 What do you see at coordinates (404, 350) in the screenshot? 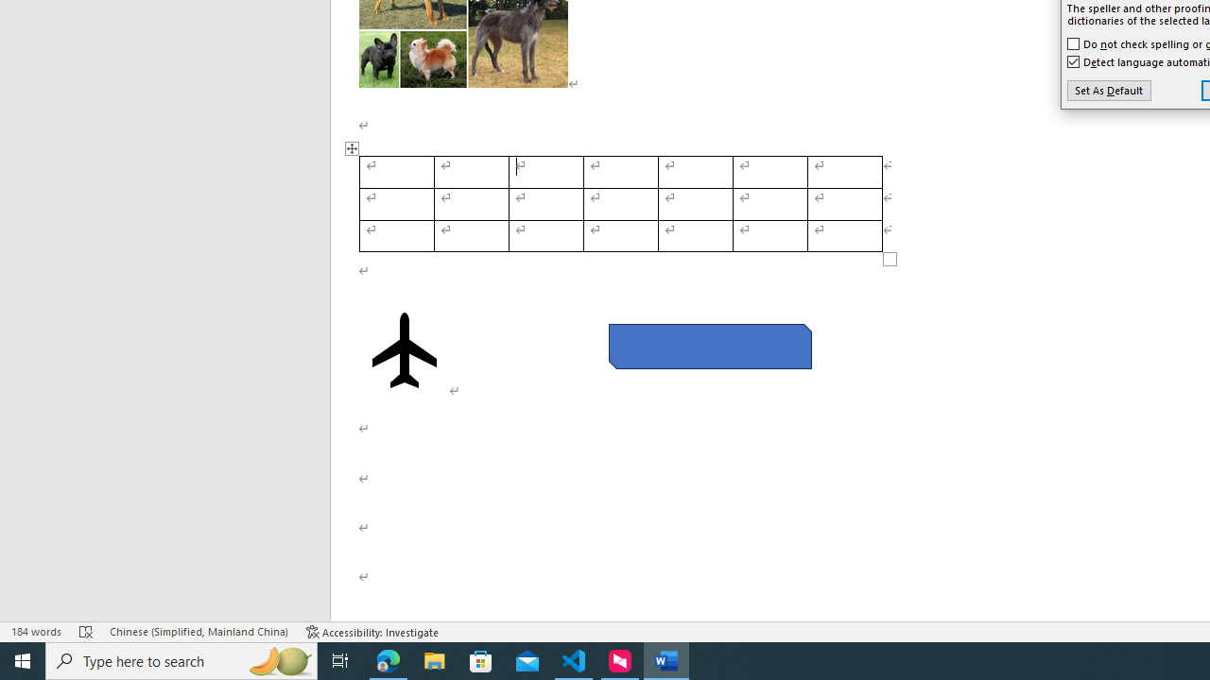
I see `'Airplane with solid fill'` at bounding box center [404, 350].